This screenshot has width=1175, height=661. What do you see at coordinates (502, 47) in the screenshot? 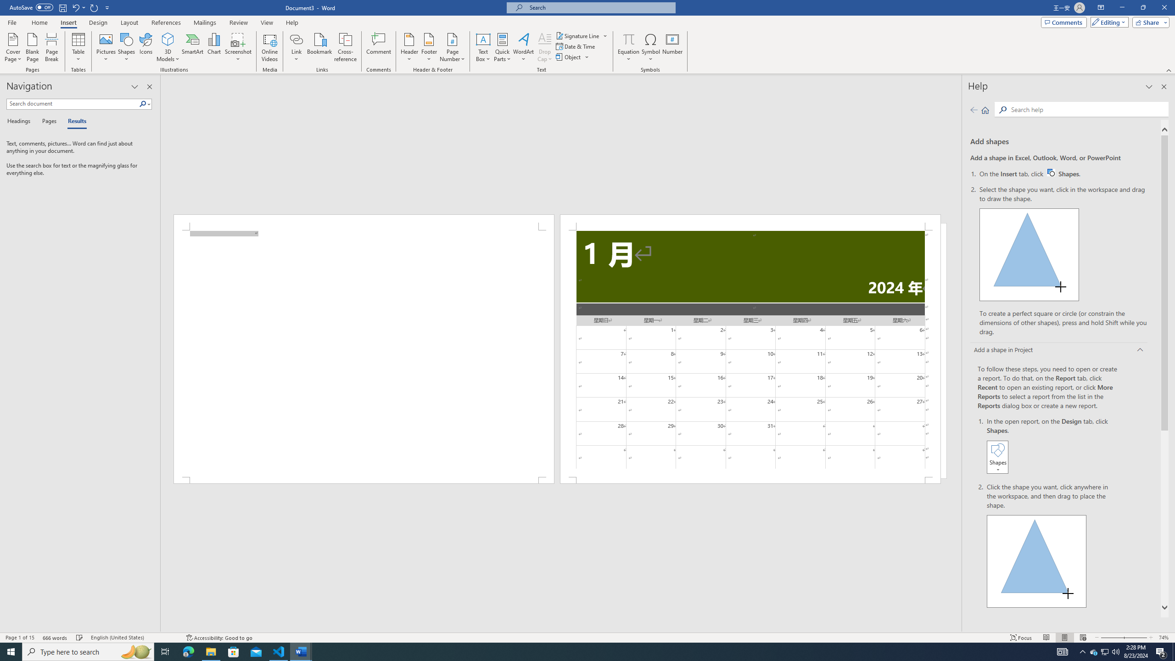
I see `'Quick Parts'` at bounding box center [502, 47].